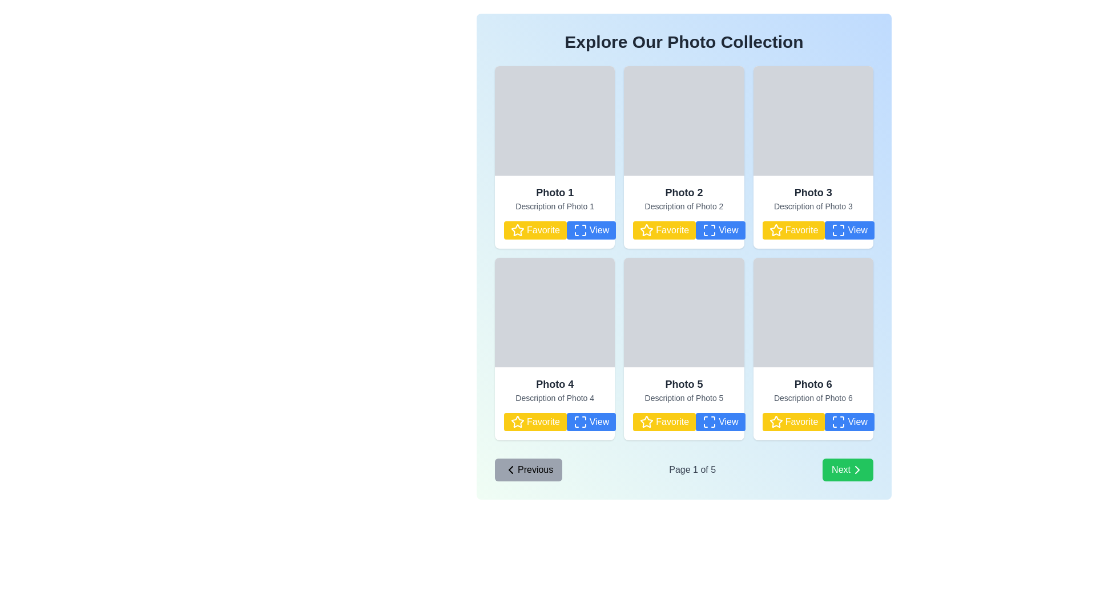  What do you see at coordinates (555, 230) in the screenshot?
I see `the first interactive button located at the bottom of the 'Photo 1' card in the grid layout to mark the photo as a favorite` at bounding box center [555, 230].